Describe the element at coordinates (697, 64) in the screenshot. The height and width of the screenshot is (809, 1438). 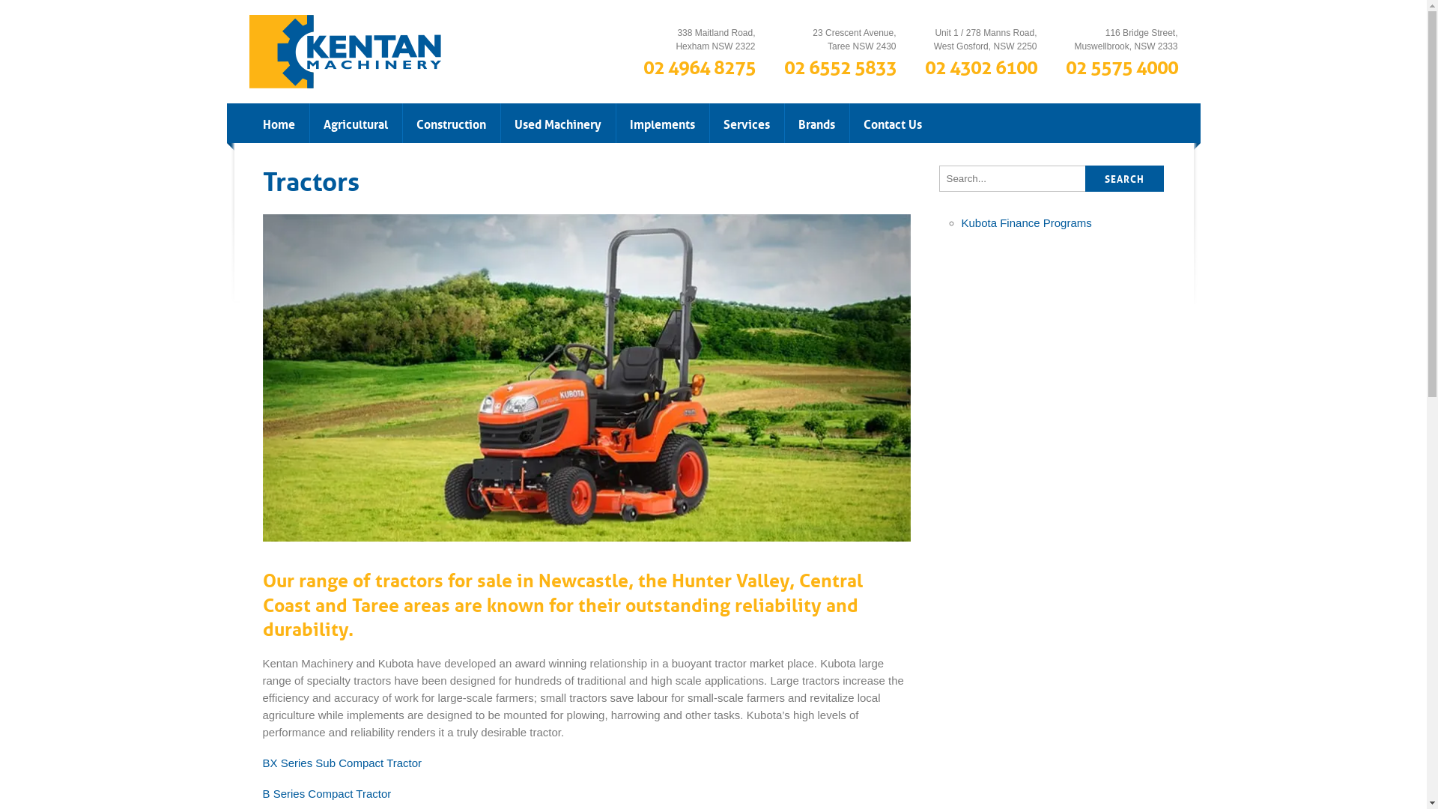
I see `'02 4964 8275'` at that location.